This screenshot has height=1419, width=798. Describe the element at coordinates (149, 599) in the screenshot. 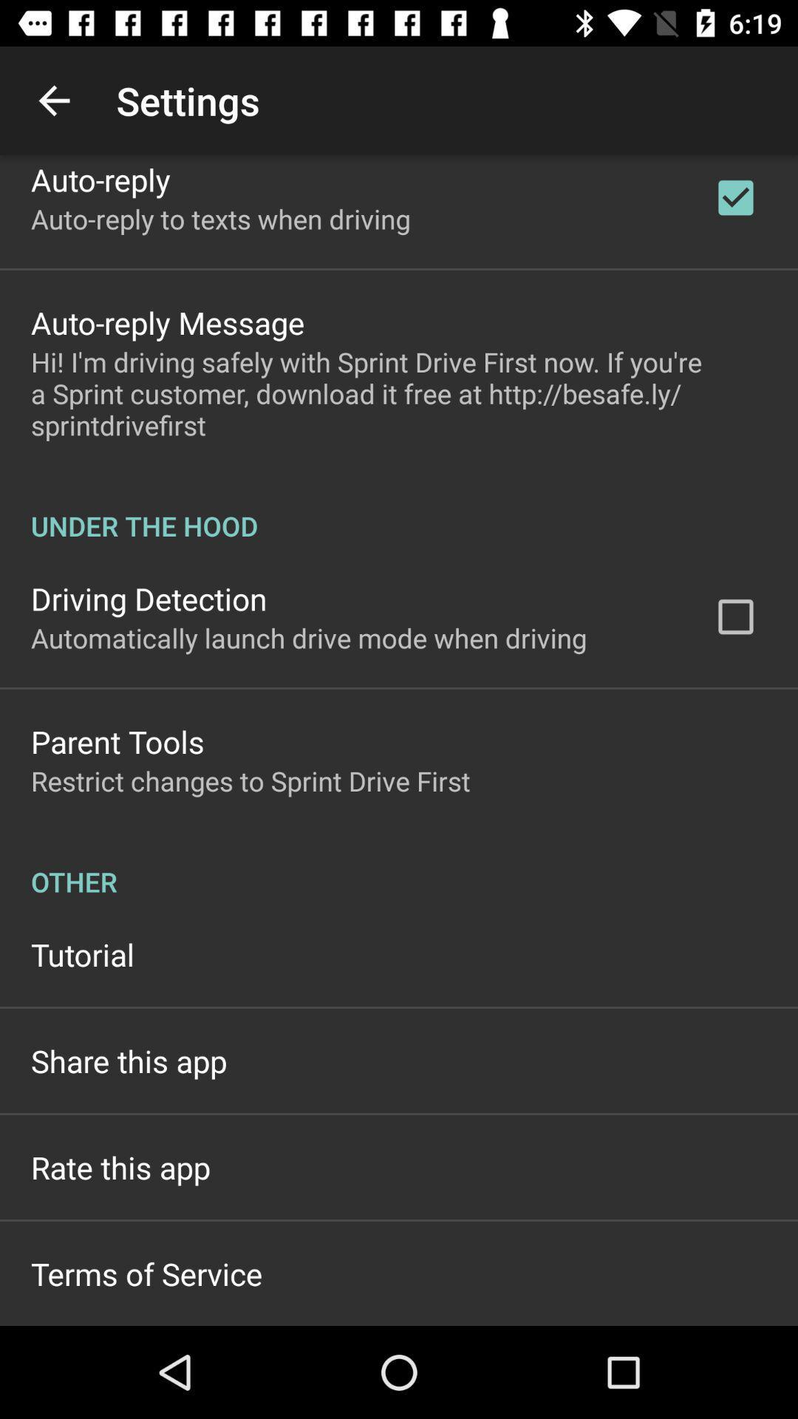

I see `the item above automatically launch drive item` at that location.